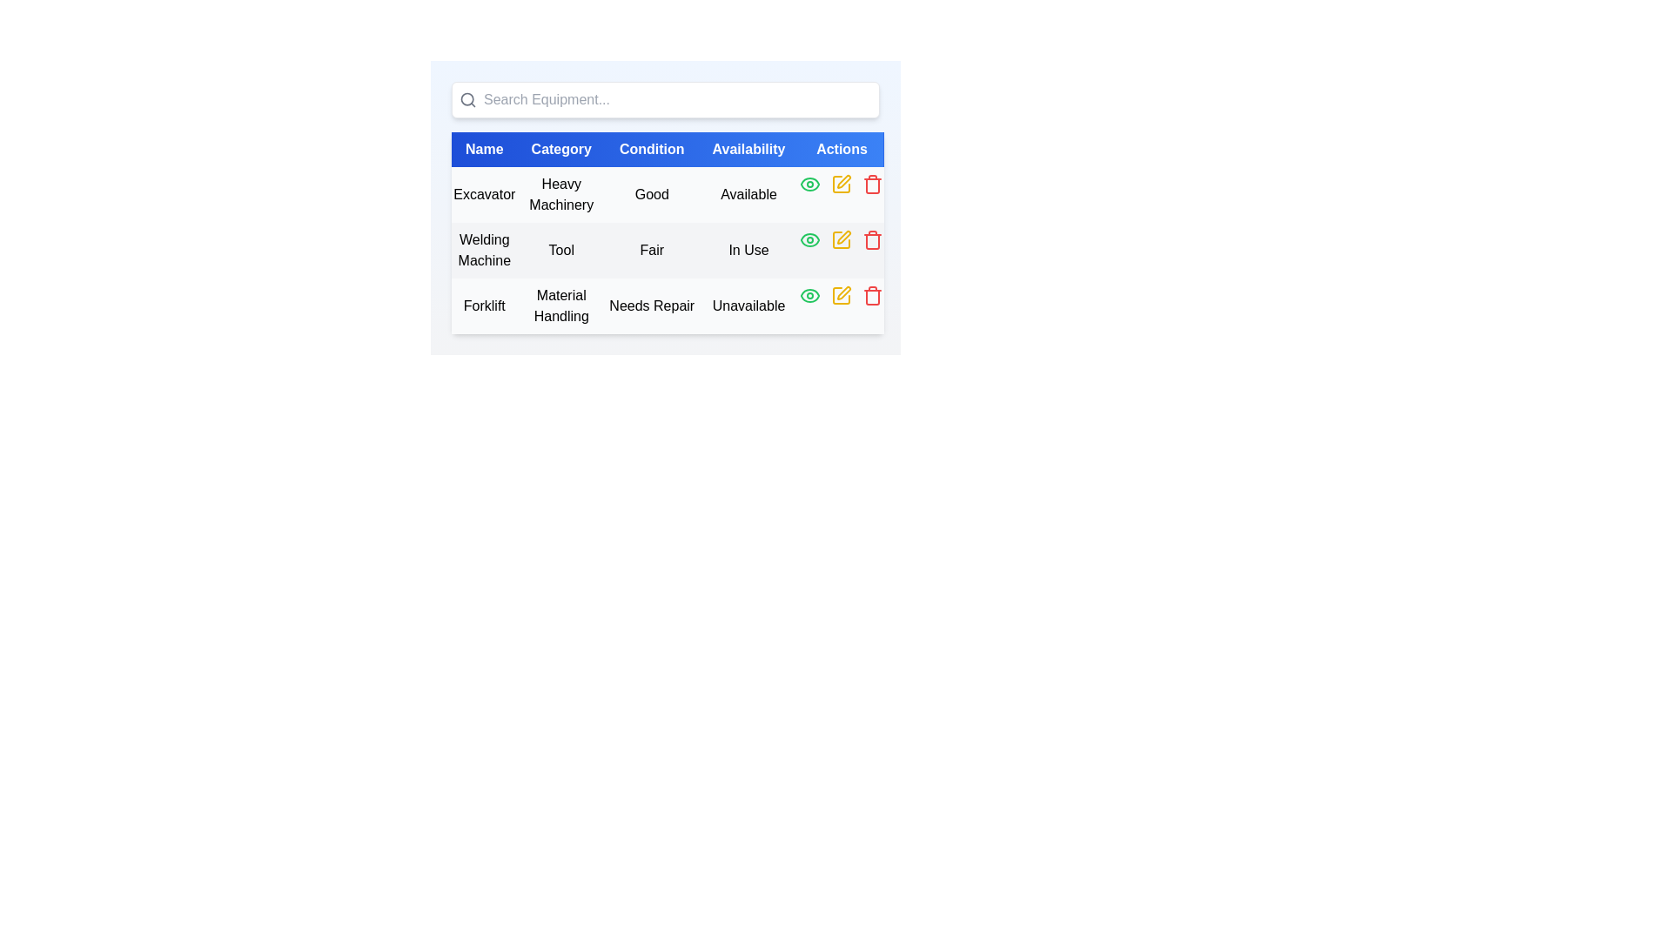 The width and height of the screenshot is (1671, 940). Describe the element at coordinates (809, 294) in the screenshot. I see `the 'View' icon button in the last row of the table under the 'Actions' column for the item labeled 'Forklift'` at that location.